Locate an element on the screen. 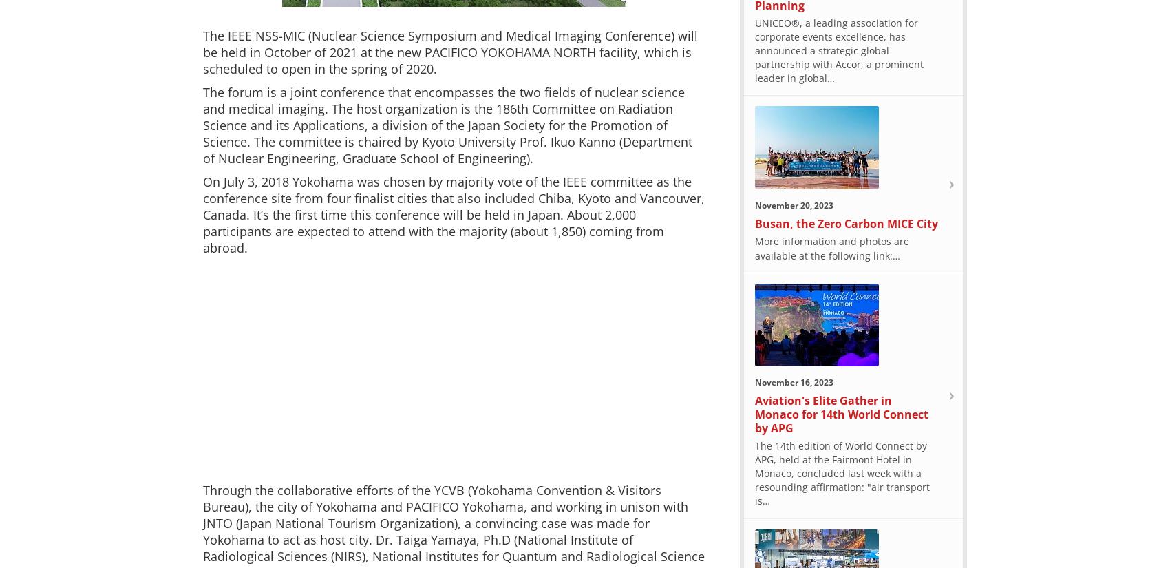 The width and height of the screenshot is (1170, 568). 'The forum is a joint conference that encompasses the two fields of nuclear science and medical imaging. The host organization is the 186th Committee on Radiation Science and its Applications, a division of the Japan Society for the Promotion of Science. The committee is chaired by Kyoto University Prof. Ikuo Kanno (Department of Nuclear Engineering, Graduate School of Engineering).' is located at coordinates (447, 125).